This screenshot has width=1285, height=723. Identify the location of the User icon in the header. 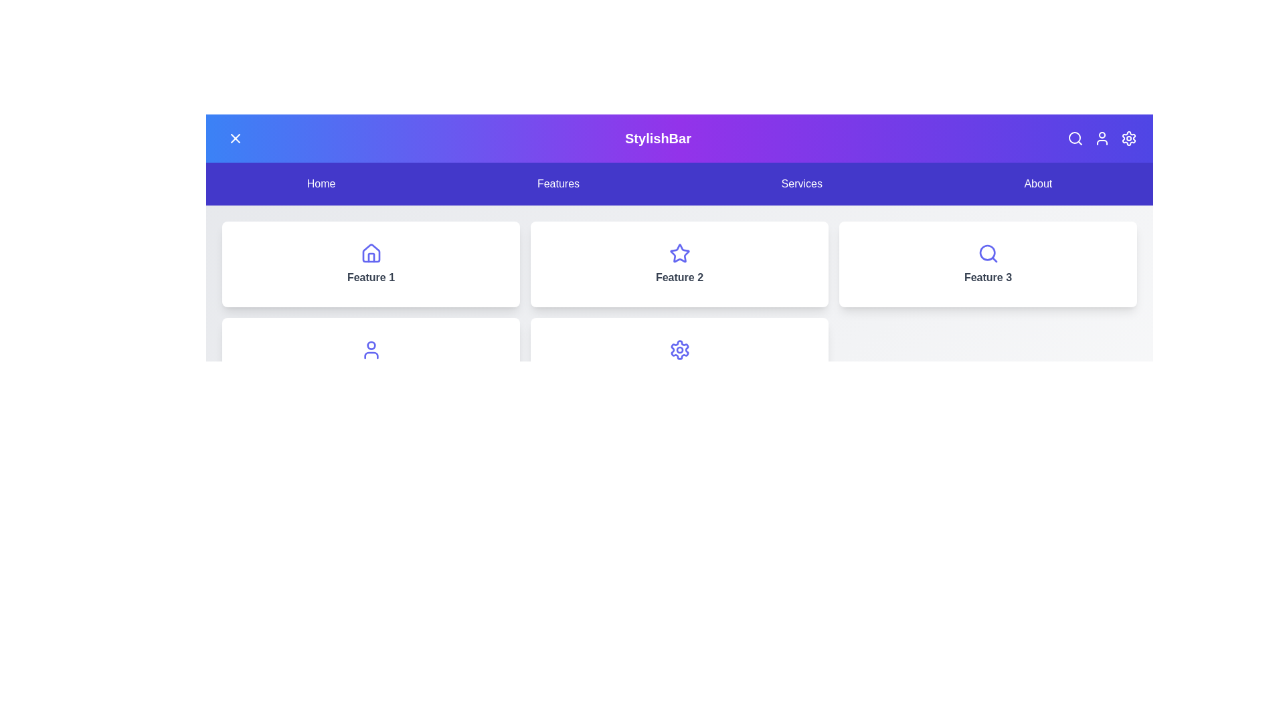
(1102, 139).